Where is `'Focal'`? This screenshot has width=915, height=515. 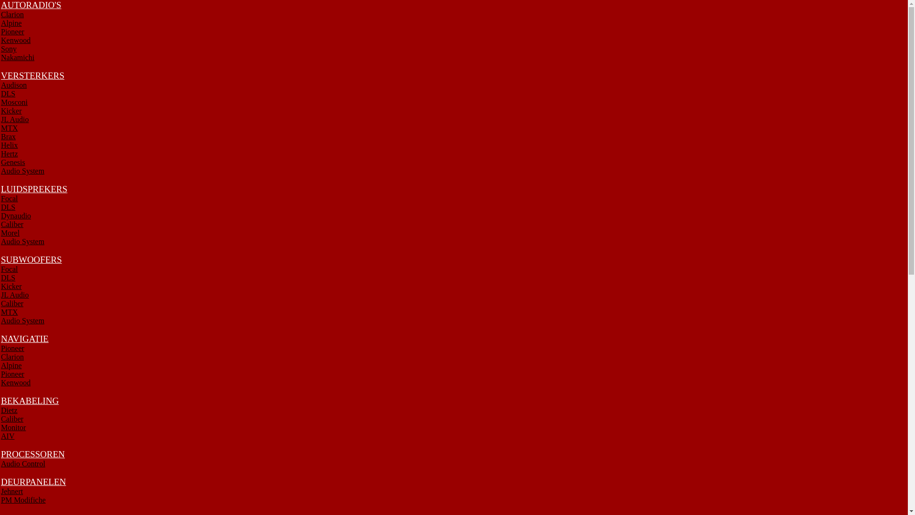 'Focal' is located at coordinates (9, 269).